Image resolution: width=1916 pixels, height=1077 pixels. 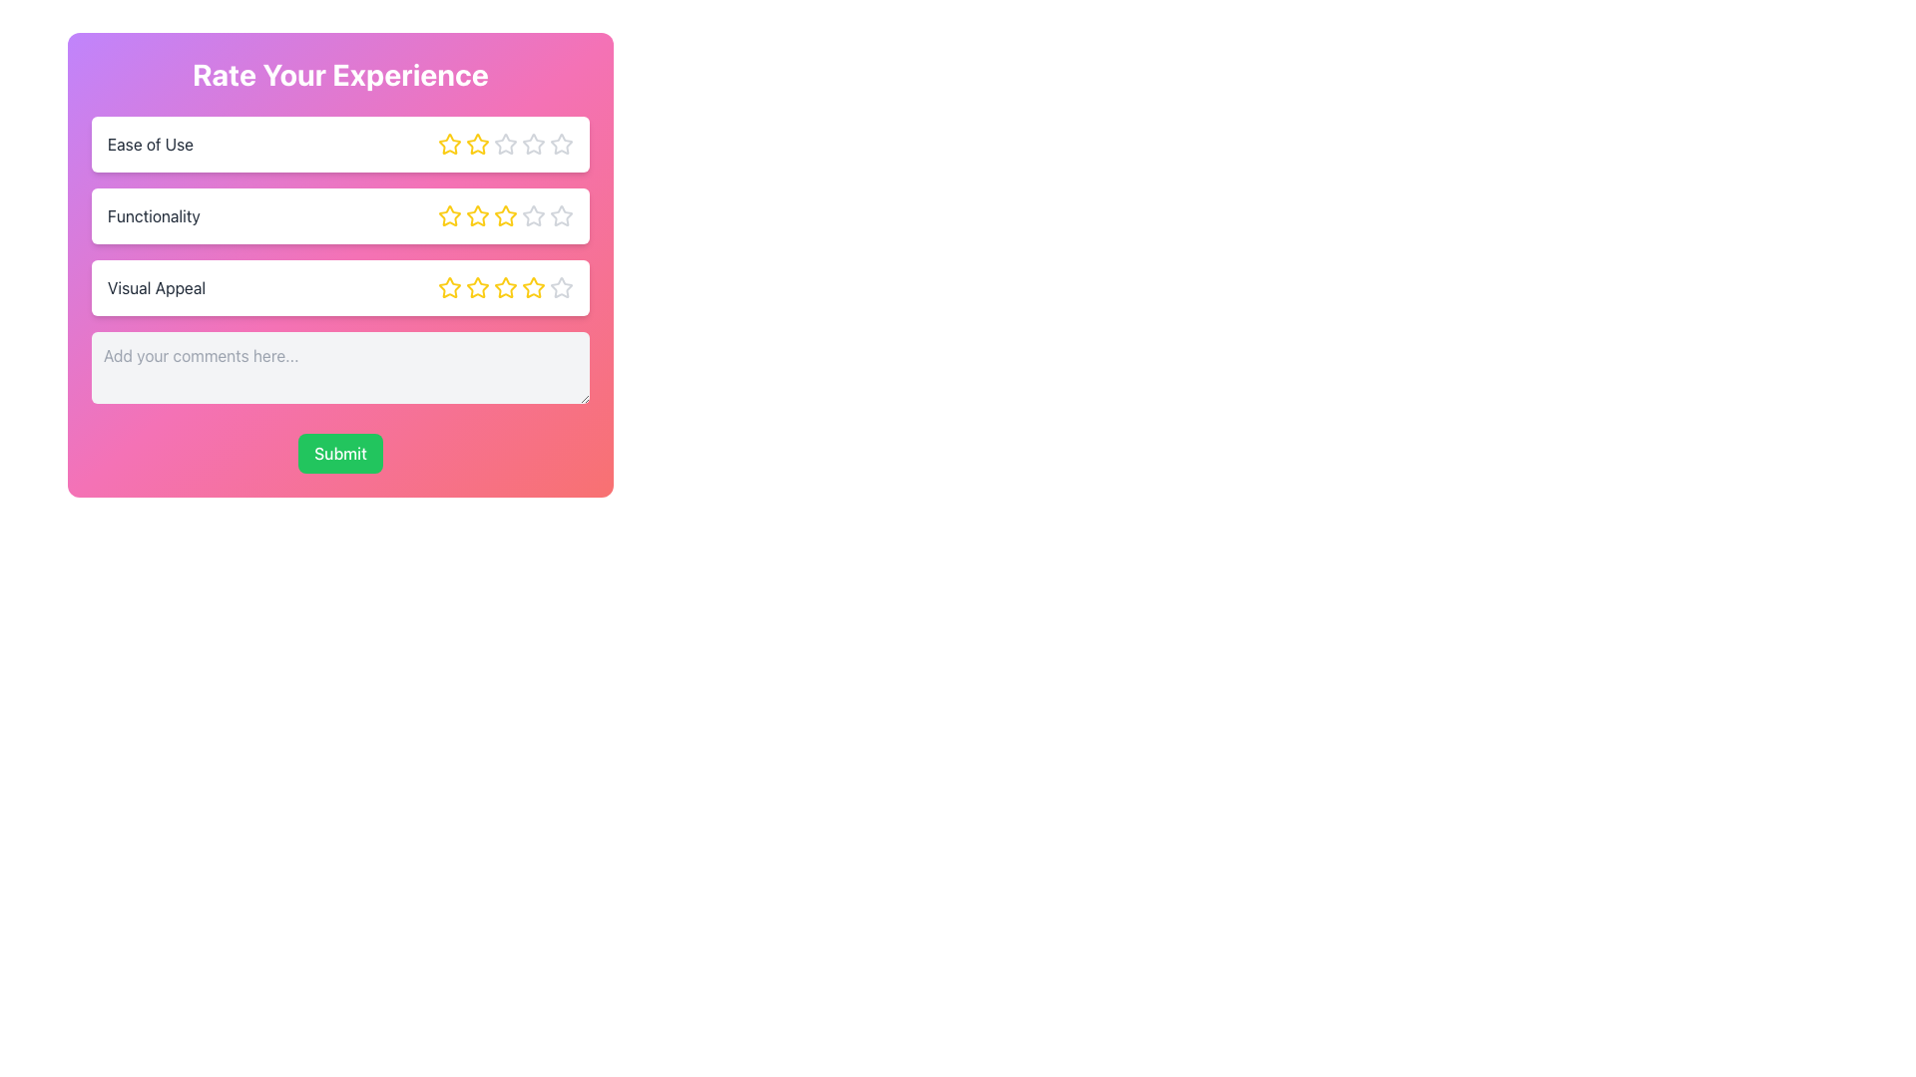 What do you see at coordinates (506, 144) in the screenshot?
I see `the third star in the 'Ease of Use' rating bar` at bounding box center [506, 144].